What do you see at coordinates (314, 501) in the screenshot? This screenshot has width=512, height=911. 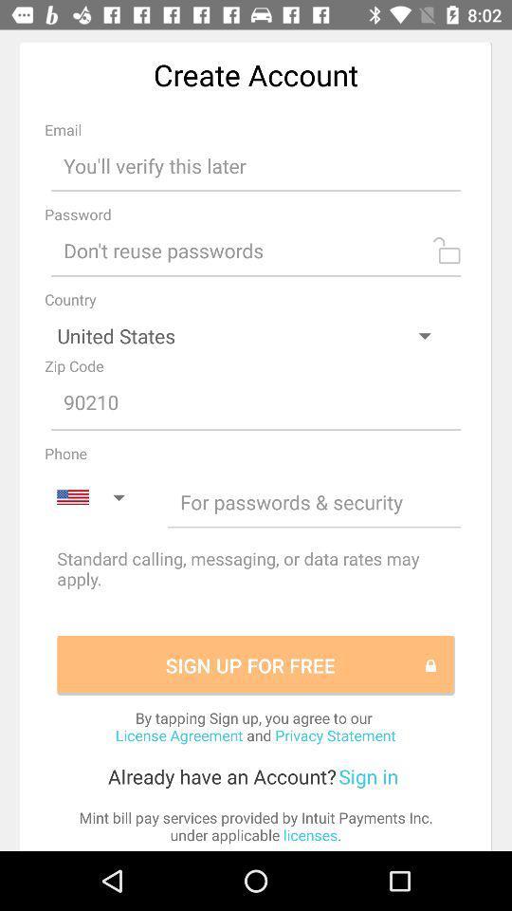 I see `input number space to inform phone number` at bounding box center [314, 501].